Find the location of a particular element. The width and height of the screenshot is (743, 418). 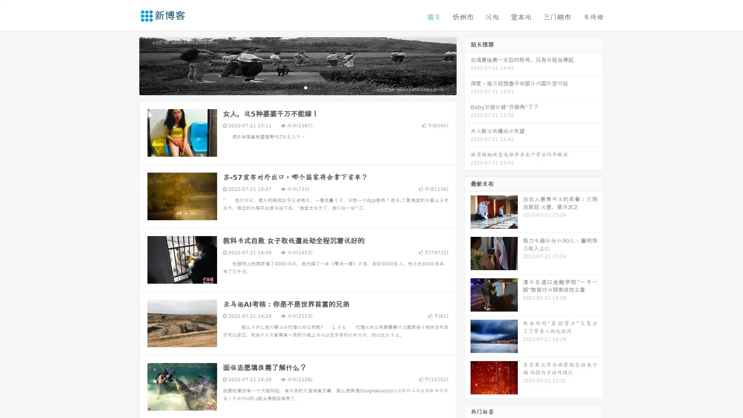

Next slide is located at coordinates (467, 65).